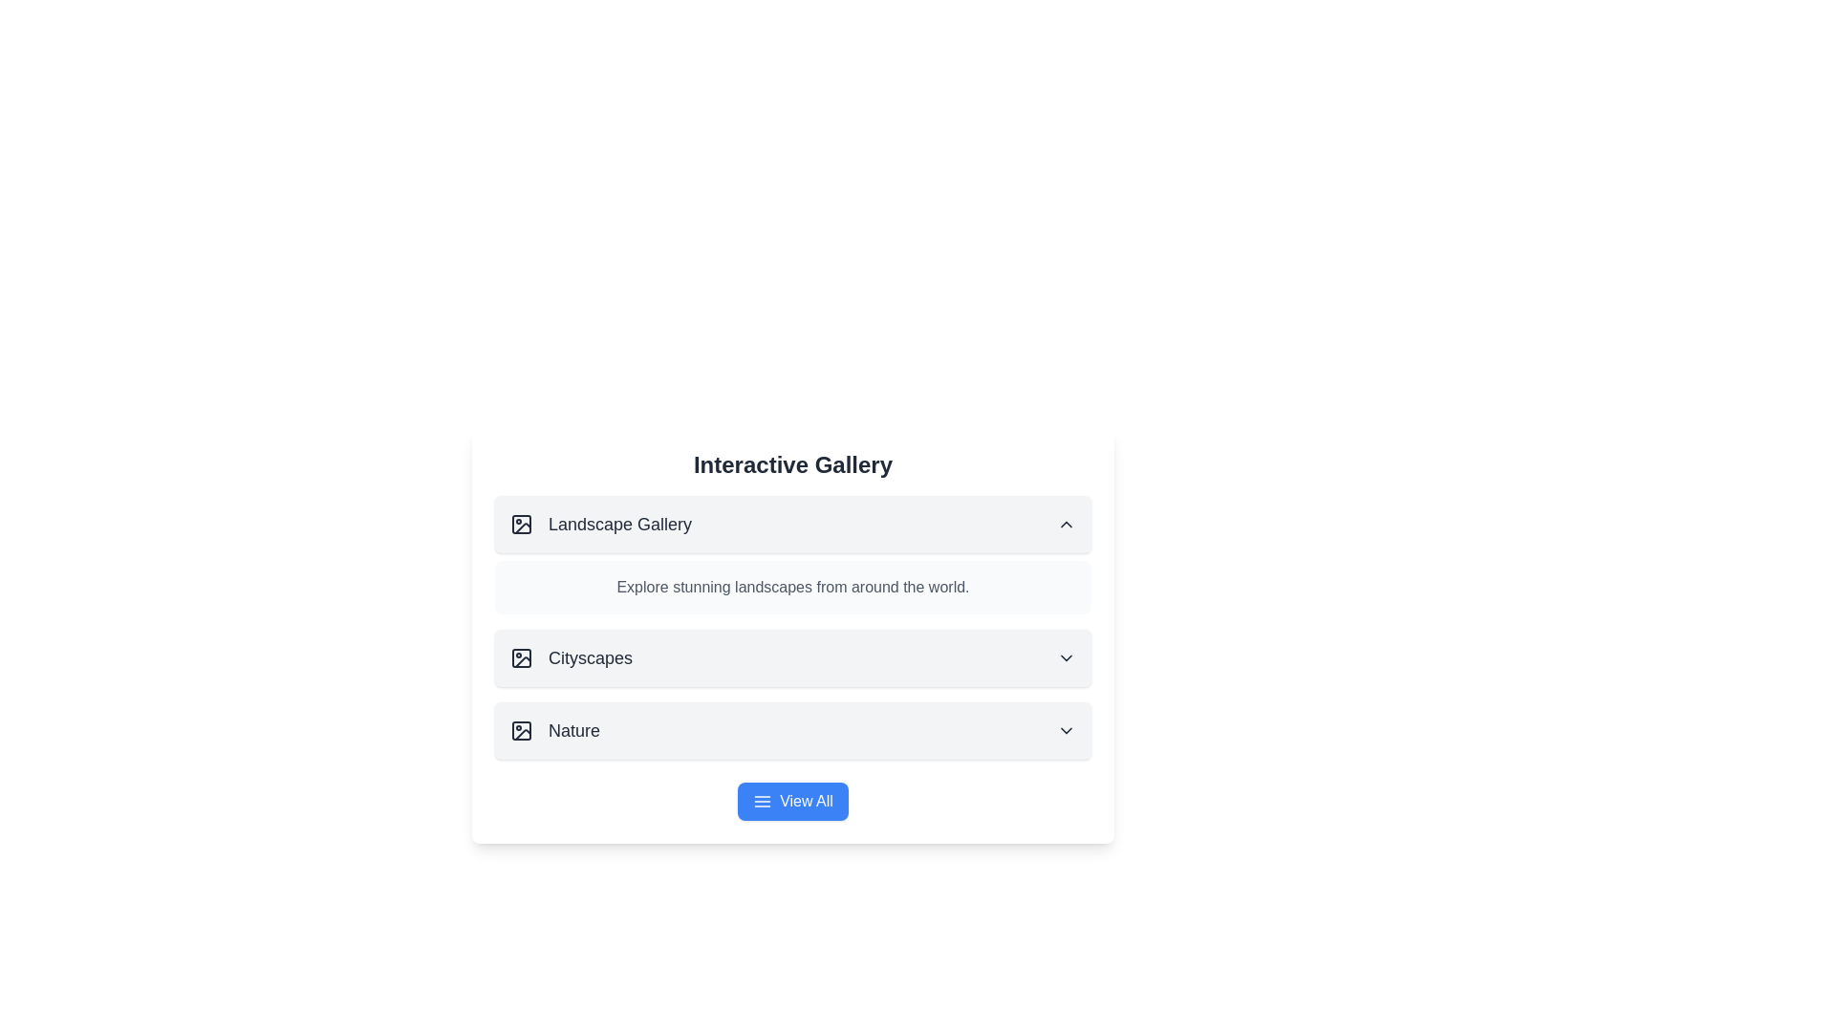  I want to click on text content of the label displaying 'Cityscapes', which is styled in a large bold gray font and positioned to the left of an image icon, so click(590, 657).